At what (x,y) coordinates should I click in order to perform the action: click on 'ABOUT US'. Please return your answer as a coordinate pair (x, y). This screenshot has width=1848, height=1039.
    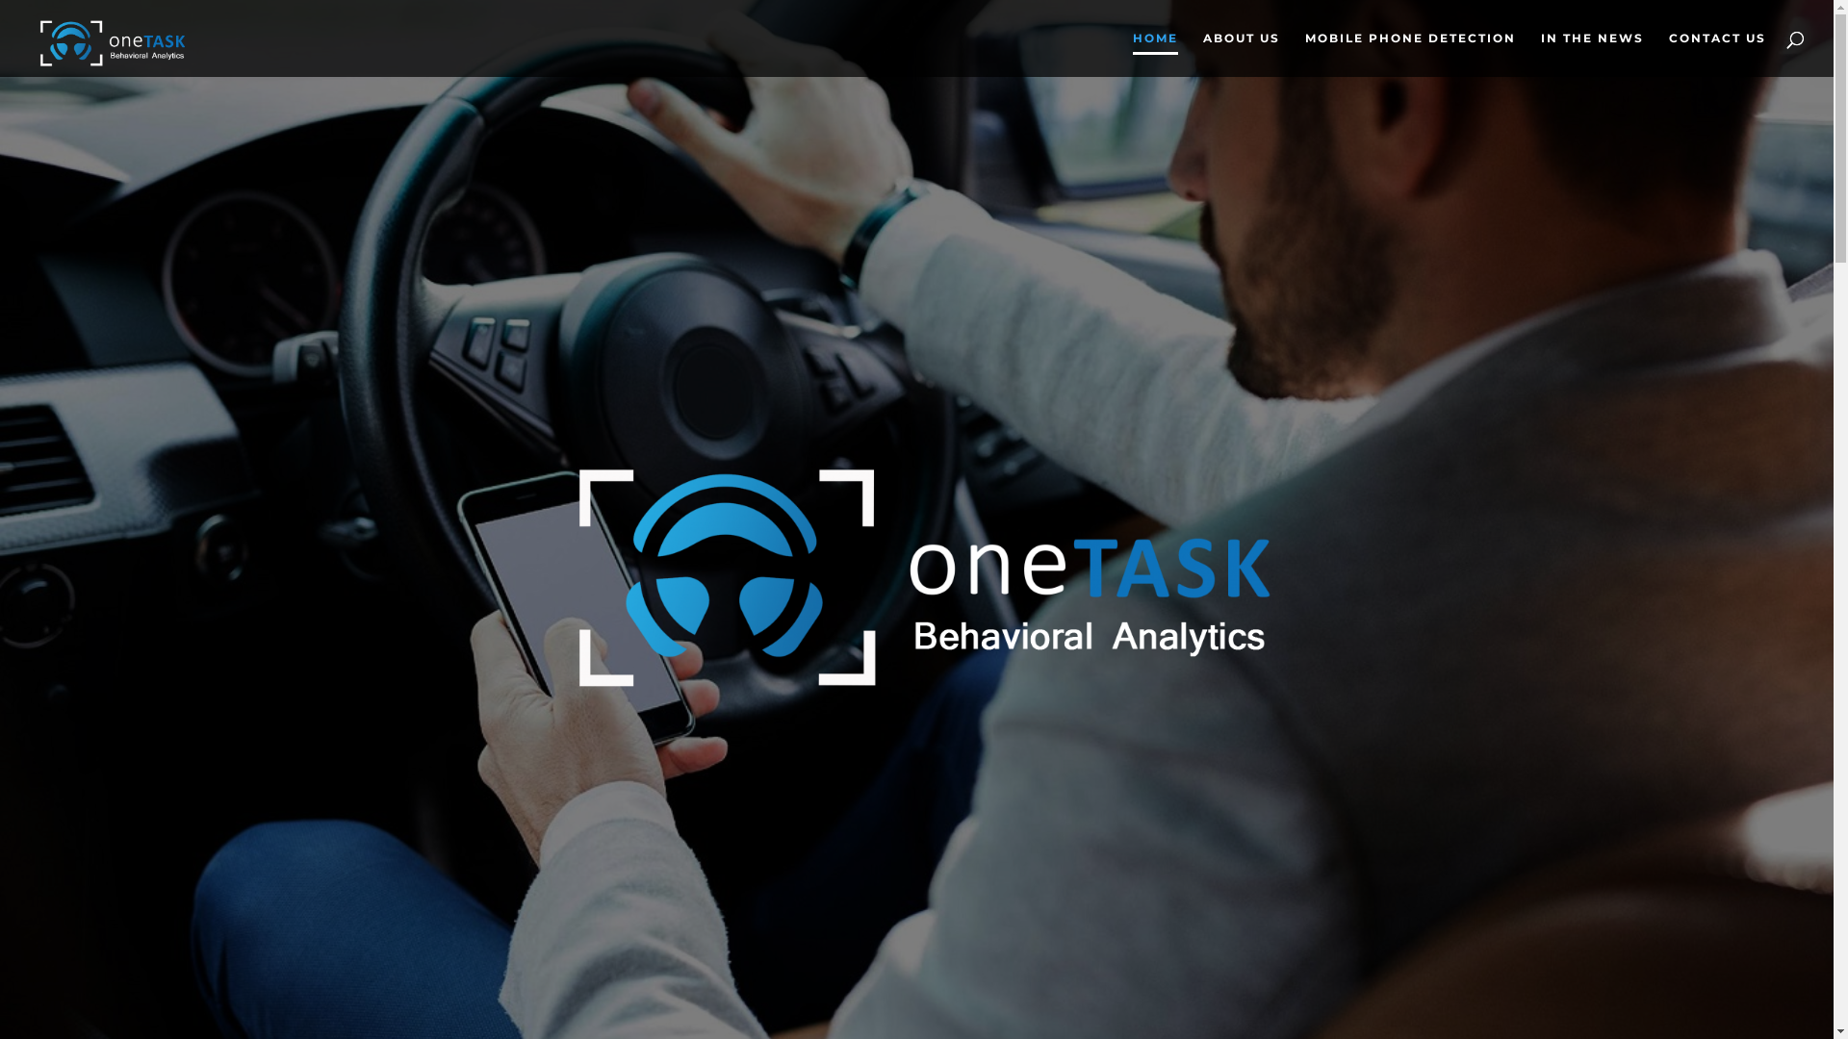
    Looking at the image, I should click on (1242, 53).